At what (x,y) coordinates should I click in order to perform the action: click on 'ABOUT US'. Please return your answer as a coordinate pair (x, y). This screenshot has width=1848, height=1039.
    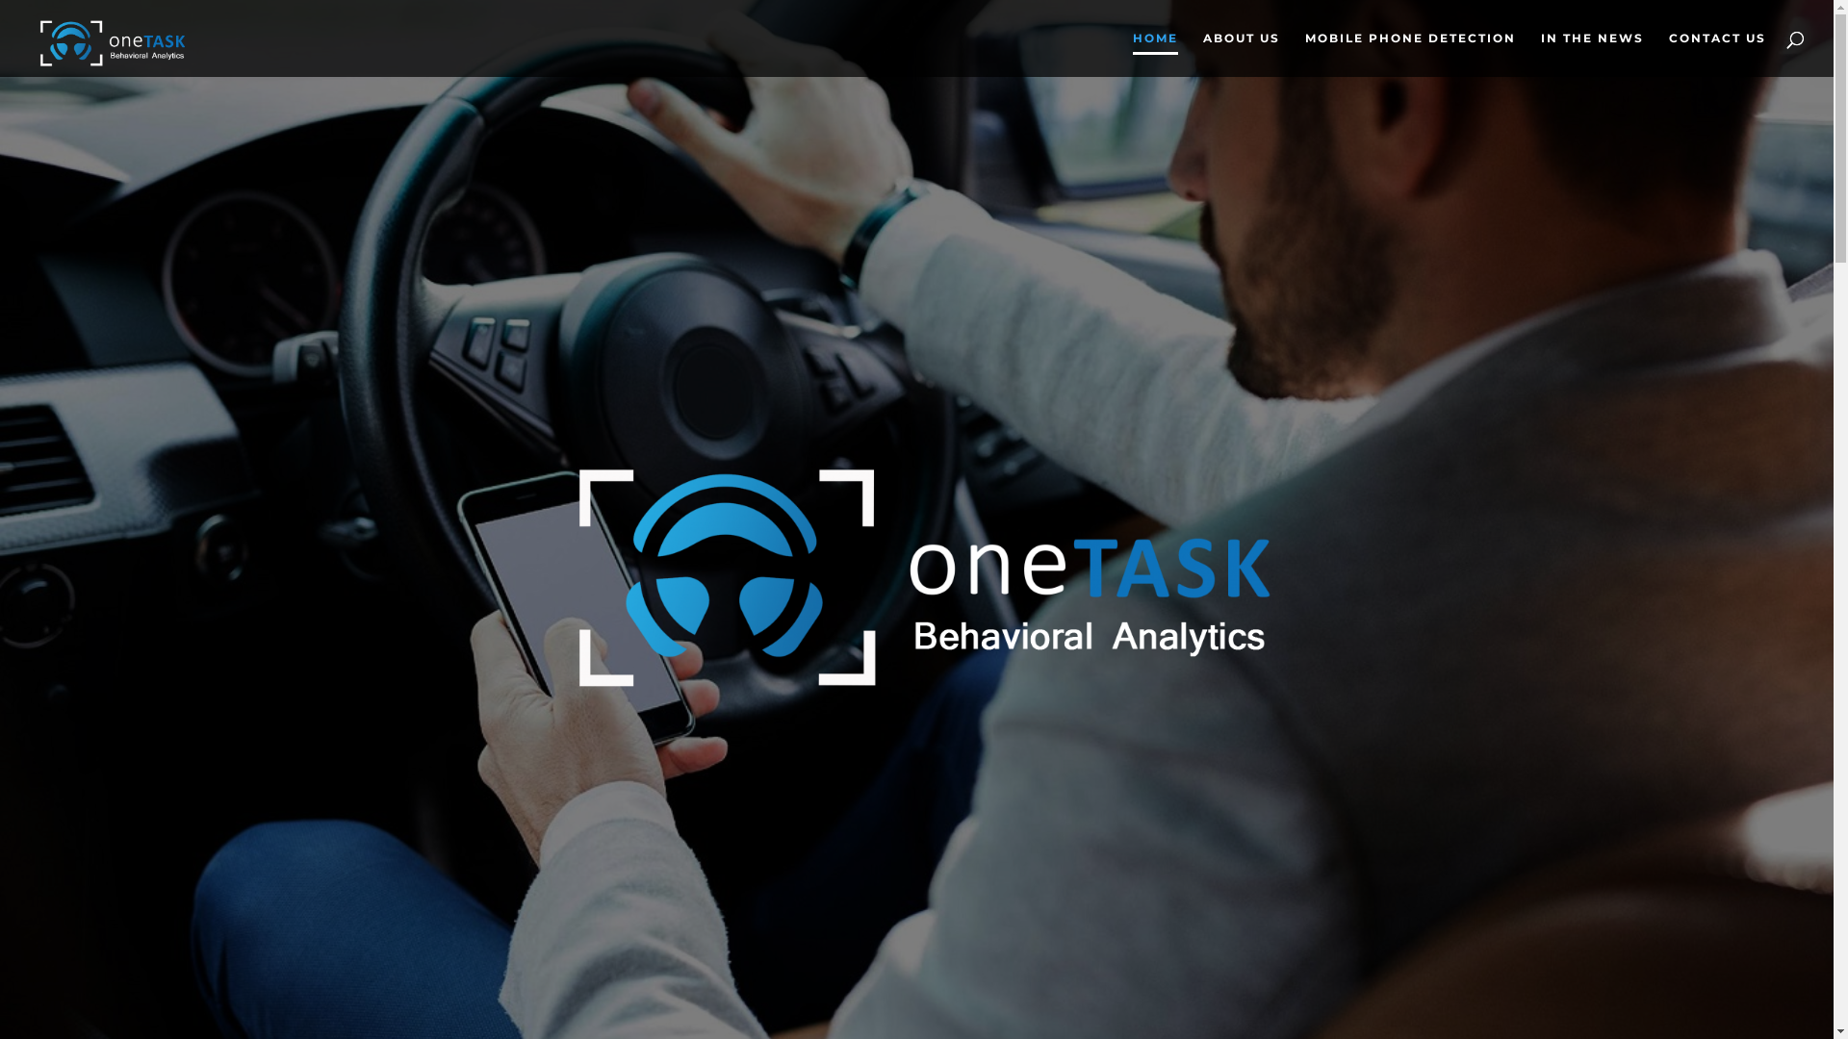
    Looking at the image, I should click on (1242, 53).